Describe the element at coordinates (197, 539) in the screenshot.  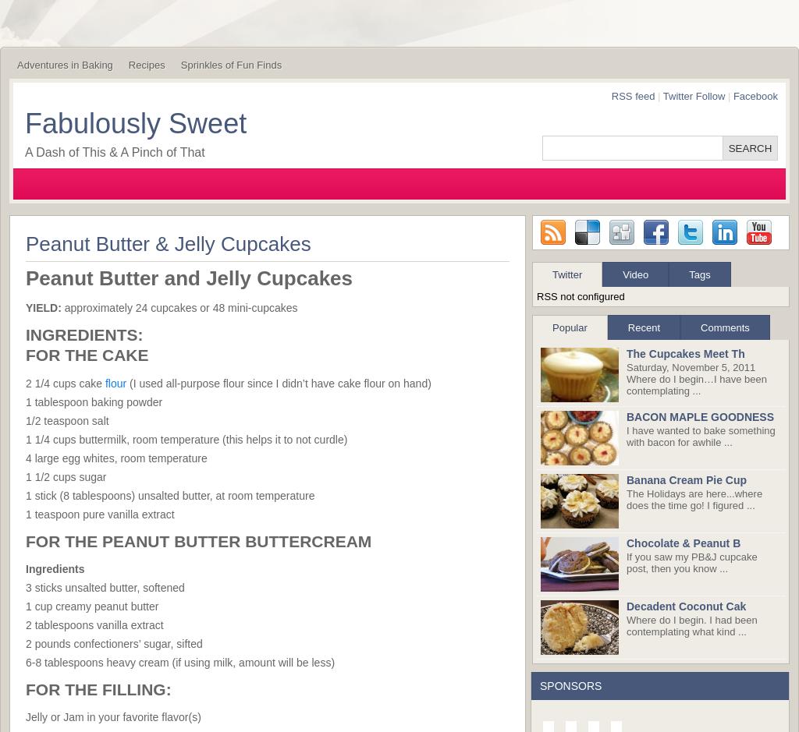
I see `'FOR THE PEANUT BUTTER BUTTERCREAM'` at that location.